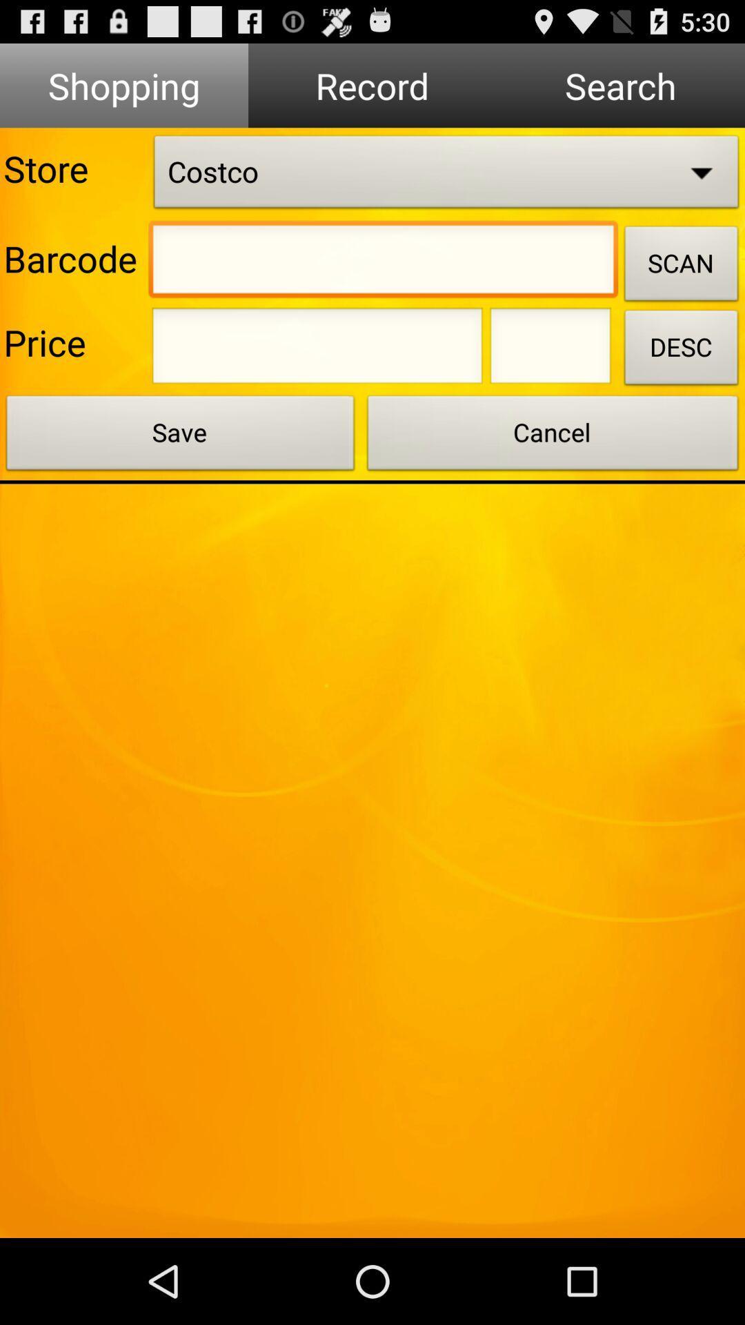  Describe the element at coordinates (550, 350) in the screenshot. I see `price` at that location.